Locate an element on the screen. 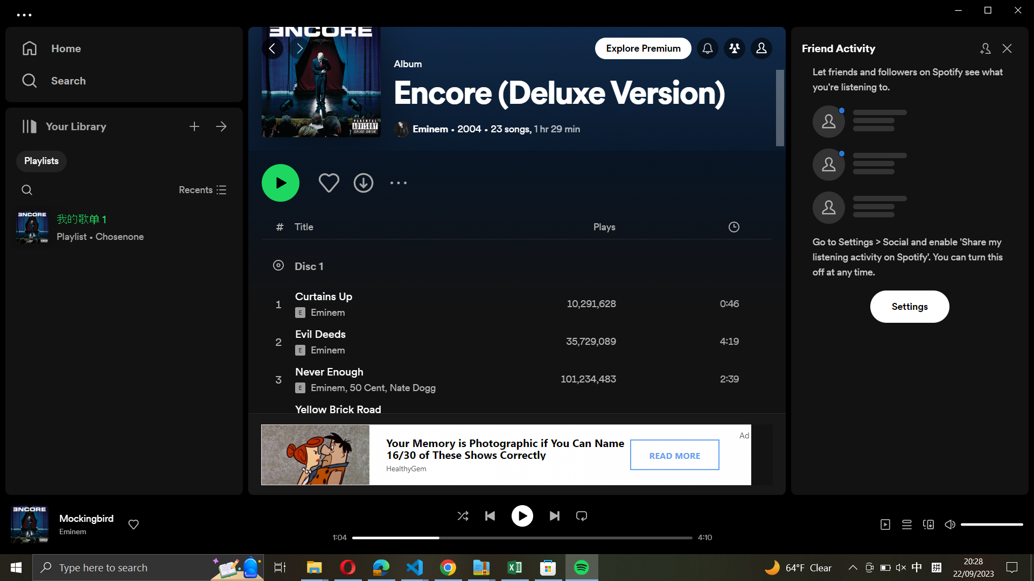 The width and height of the screenshot is (1034, 581). the settings menu is located at coordinates (909, 306).